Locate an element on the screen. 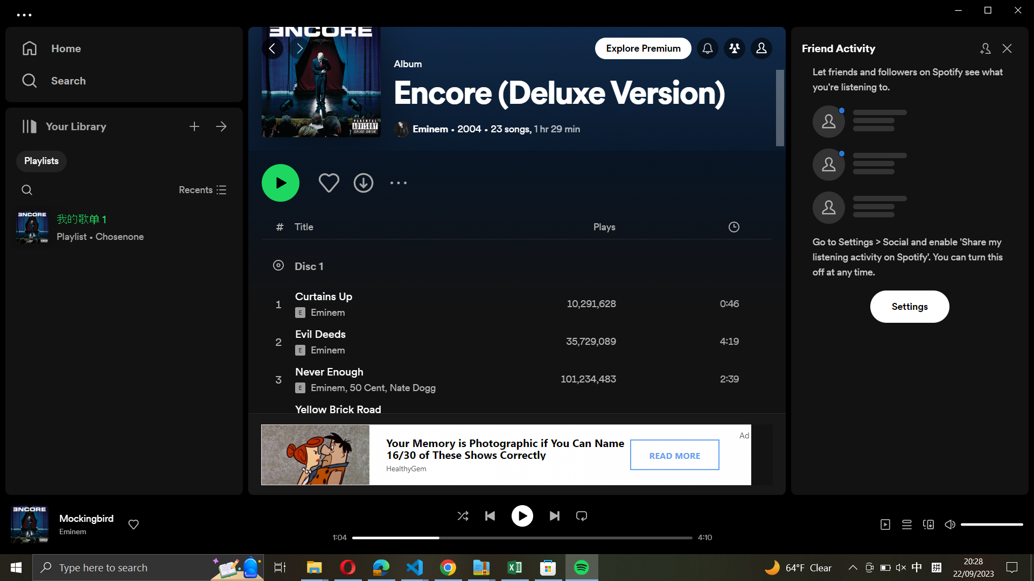 The width and height of the screenshot is (1034, 581). the settings menu is located at coordinates (909, 306).